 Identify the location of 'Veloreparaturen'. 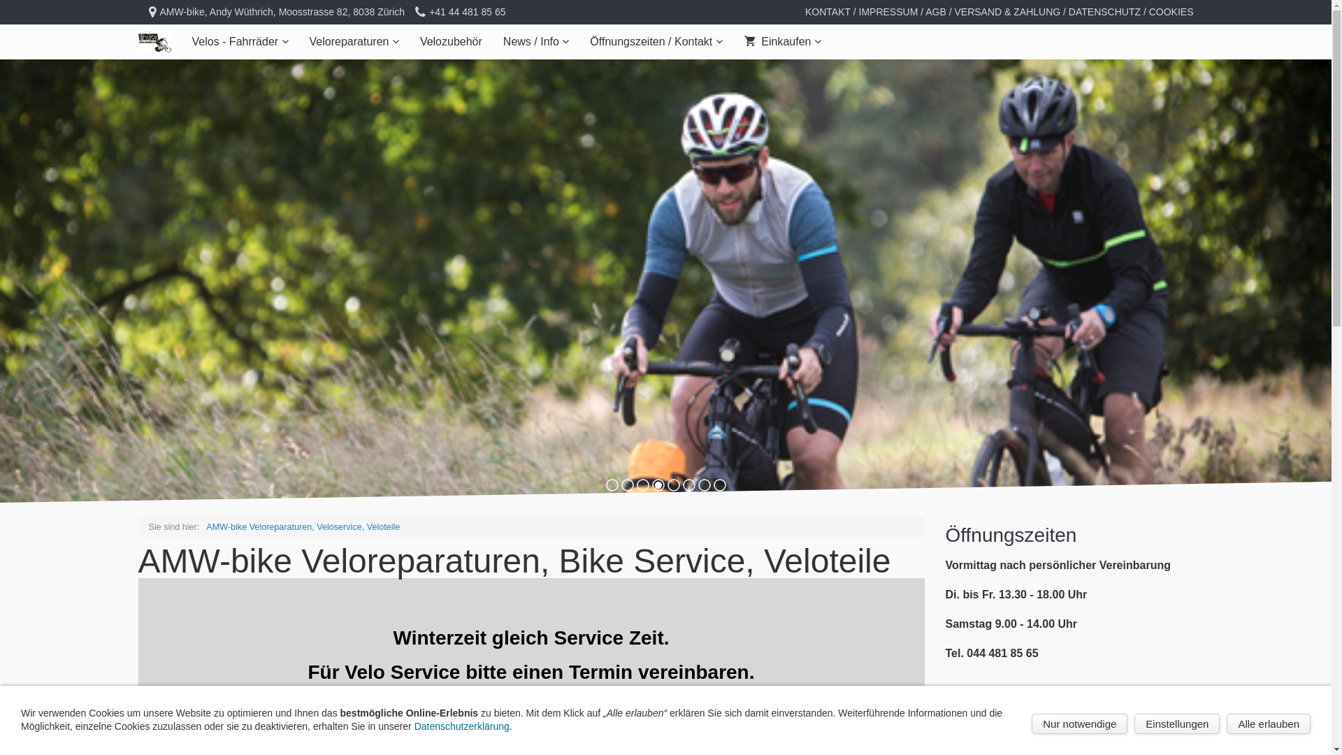
(354, 41).